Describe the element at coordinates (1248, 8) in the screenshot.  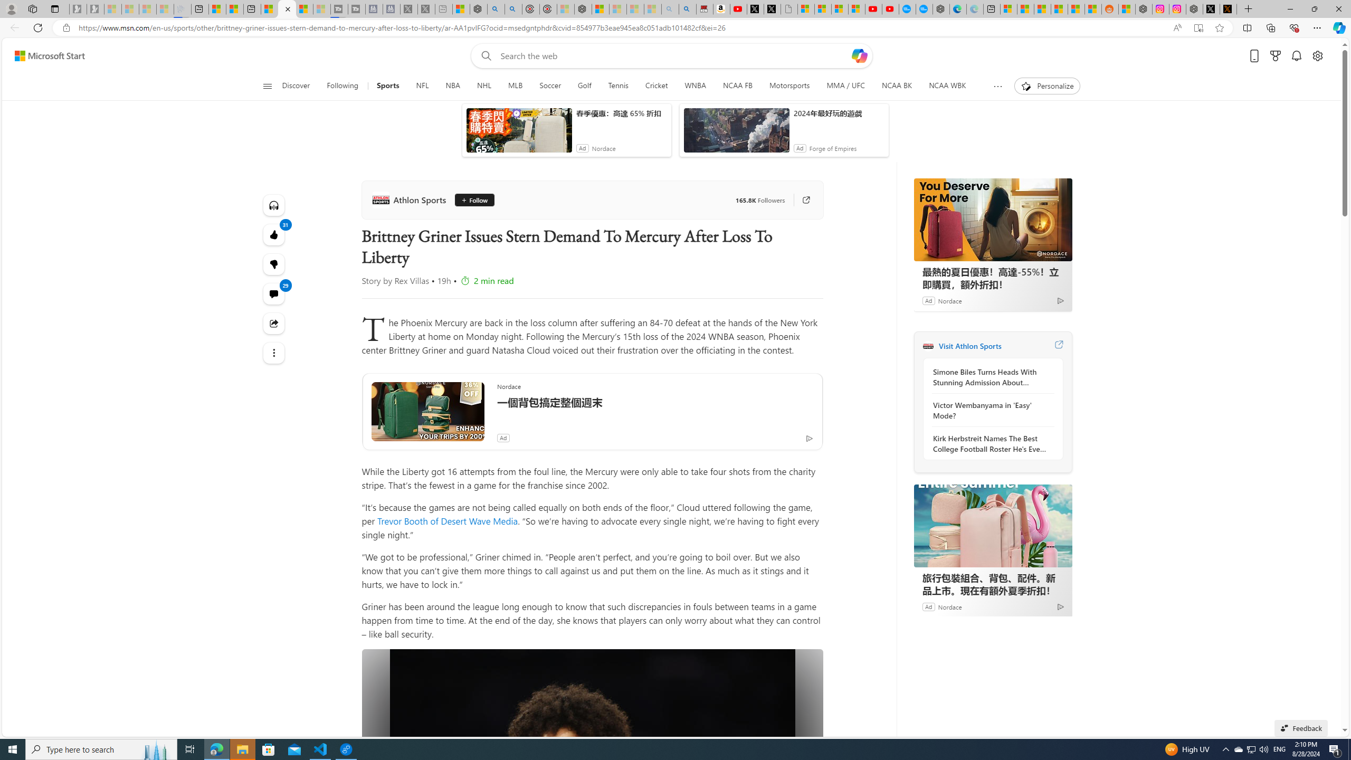
I see `'New Tab'` at that location.